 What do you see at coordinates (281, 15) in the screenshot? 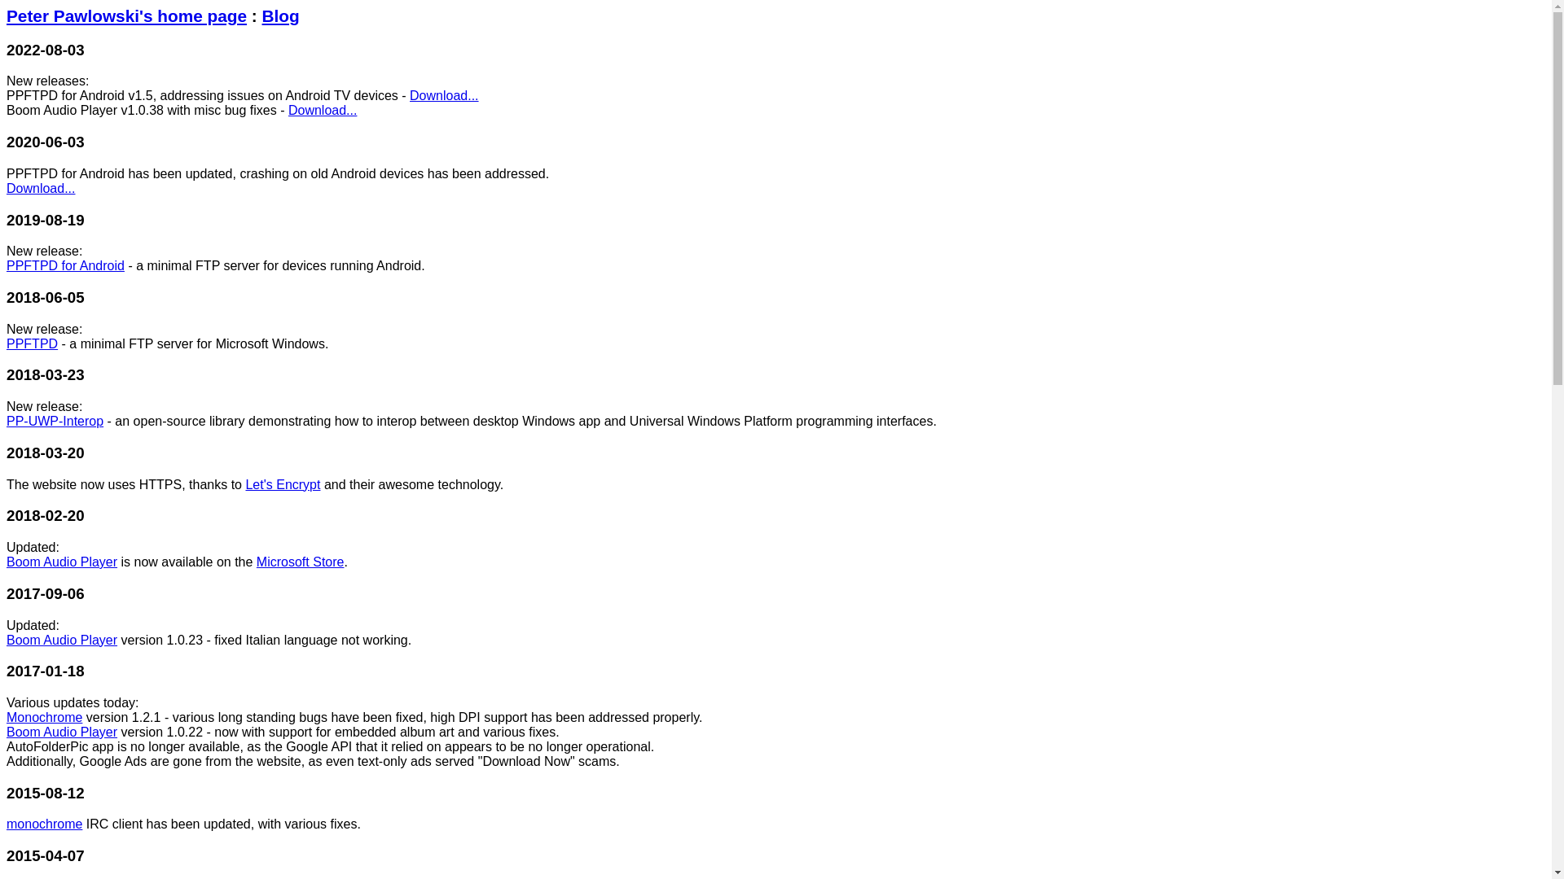
I see `'Blog'` at bounding box center [281, 15].